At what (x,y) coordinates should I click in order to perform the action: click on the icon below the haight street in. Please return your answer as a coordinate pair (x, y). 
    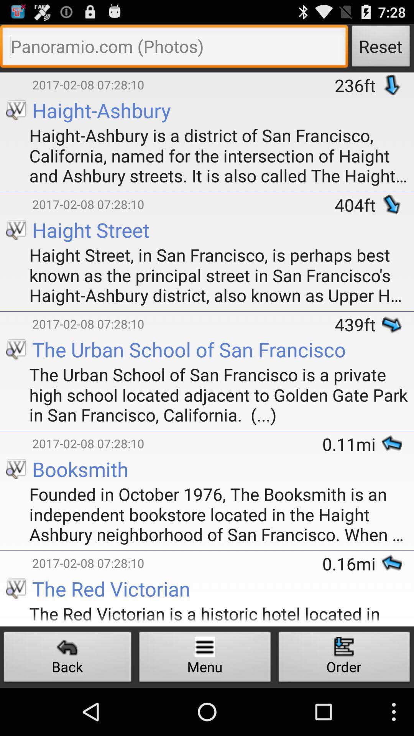
    Looking at the image, I should click on (16, 312).